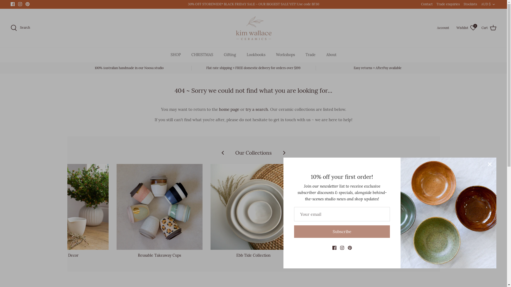 The height and width of the screenshot is (287, 511). What do you see at coordinates (65, 211) in the screenshot?
I see `'Home & Decor'` at bounding box center [65, 211].